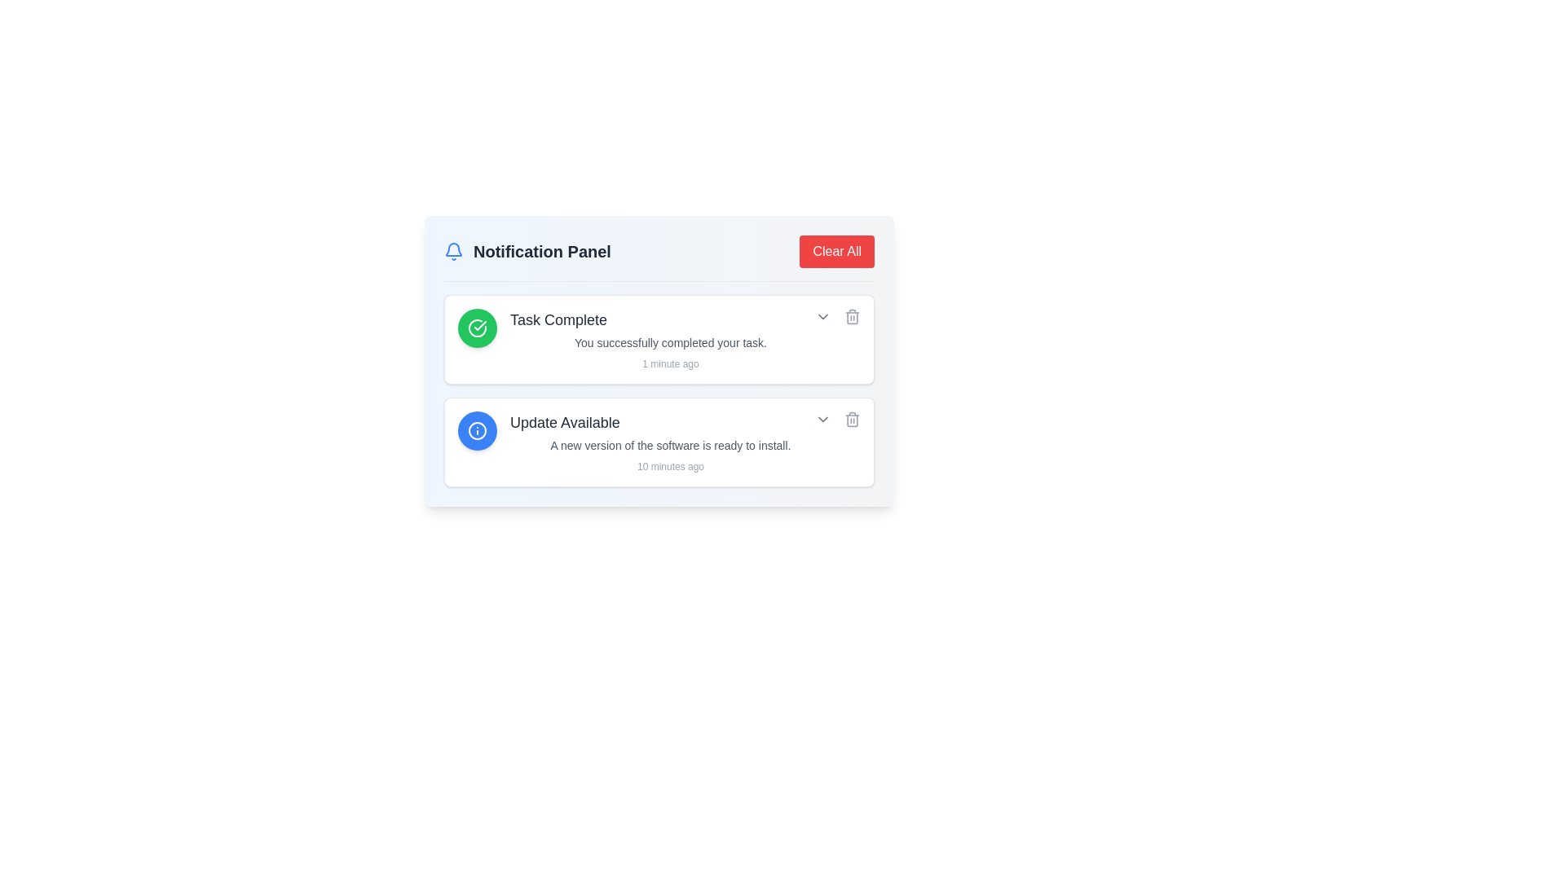  I want to click on the informational text element located below the 'Update Available' header and above the timestamp '10 minutes ago', so click(670, 446).